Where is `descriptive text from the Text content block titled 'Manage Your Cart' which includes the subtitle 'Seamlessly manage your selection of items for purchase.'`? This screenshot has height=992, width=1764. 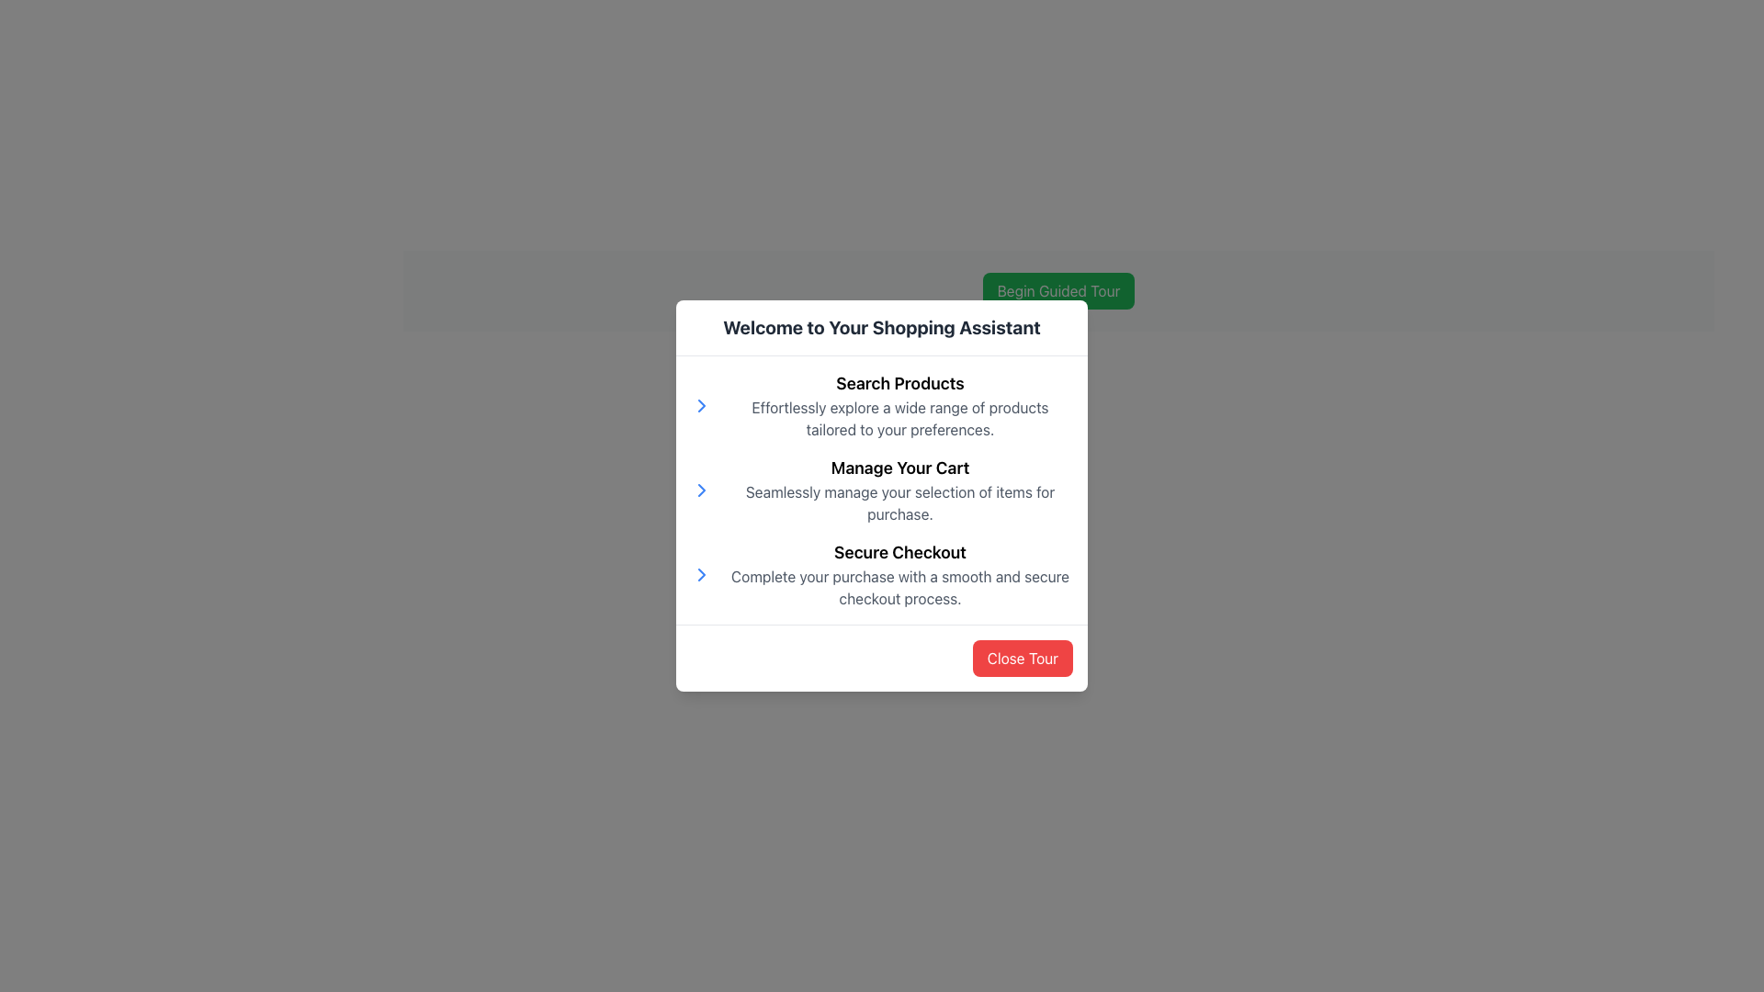
descriptive text from the Text content block titled 'Manage Your Cart' which includes the subtitle 'Seamlessly manage your selection of items for purchase.' is located at coordinates (899, 489).